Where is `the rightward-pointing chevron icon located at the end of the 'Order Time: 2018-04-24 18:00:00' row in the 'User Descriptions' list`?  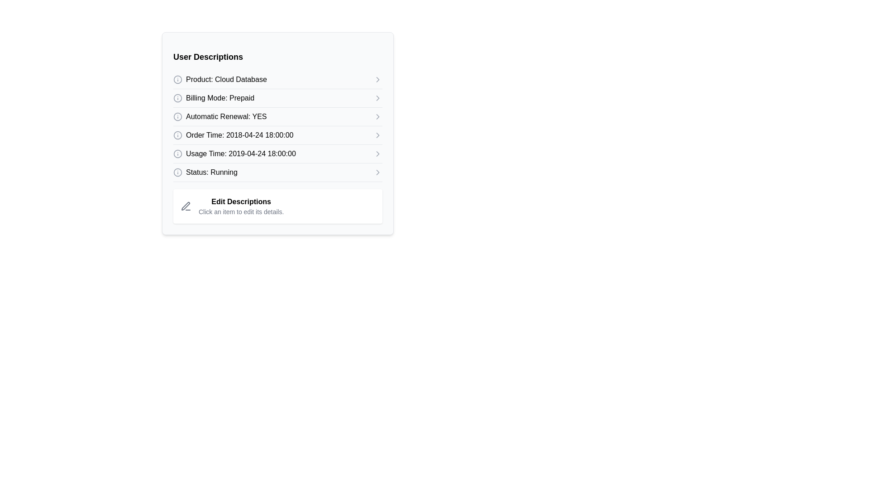 the rightward-pointing chevron icon located at the end of the 'Order Time: 2018-04-24 18:00:00' row in the 'User Descriptions' list is located at coordinates (378, 135).